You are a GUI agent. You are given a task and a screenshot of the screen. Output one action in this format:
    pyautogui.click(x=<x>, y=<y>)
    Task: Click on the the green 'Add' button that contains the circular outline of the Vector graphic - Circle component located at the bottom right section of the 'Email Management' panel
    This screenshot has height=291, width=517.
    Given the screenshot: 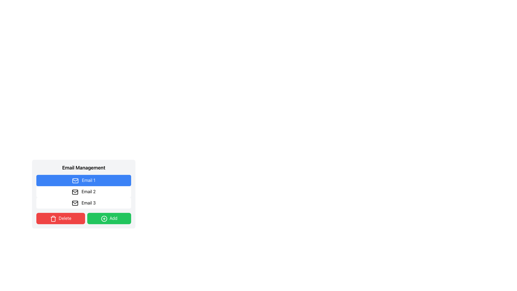 What is the action you would take?
    pyautogui.click(x=104, y=219)
    